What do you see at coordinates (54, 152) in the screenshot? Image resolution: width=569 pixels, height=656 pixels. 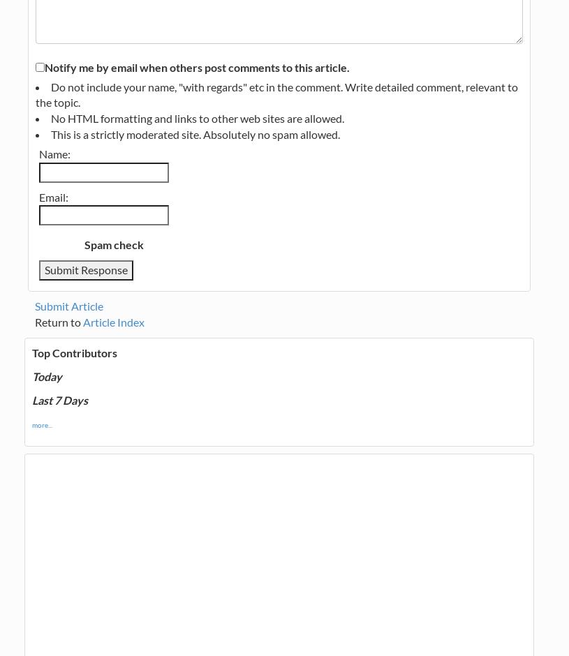 I see `'Name:'` at bounding box center [54, 152].